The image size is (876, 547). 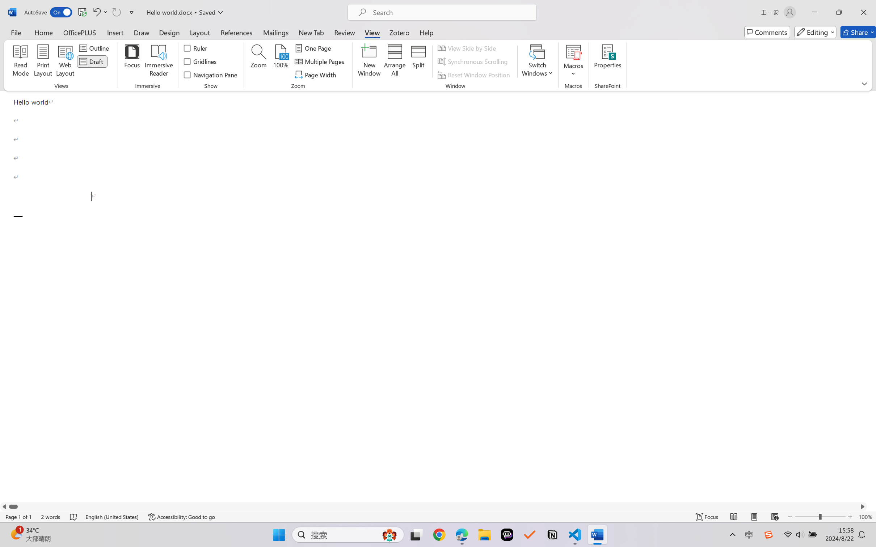 I want to click on 'Customize Quick Access Toolbar', so click(x=131, y=12).